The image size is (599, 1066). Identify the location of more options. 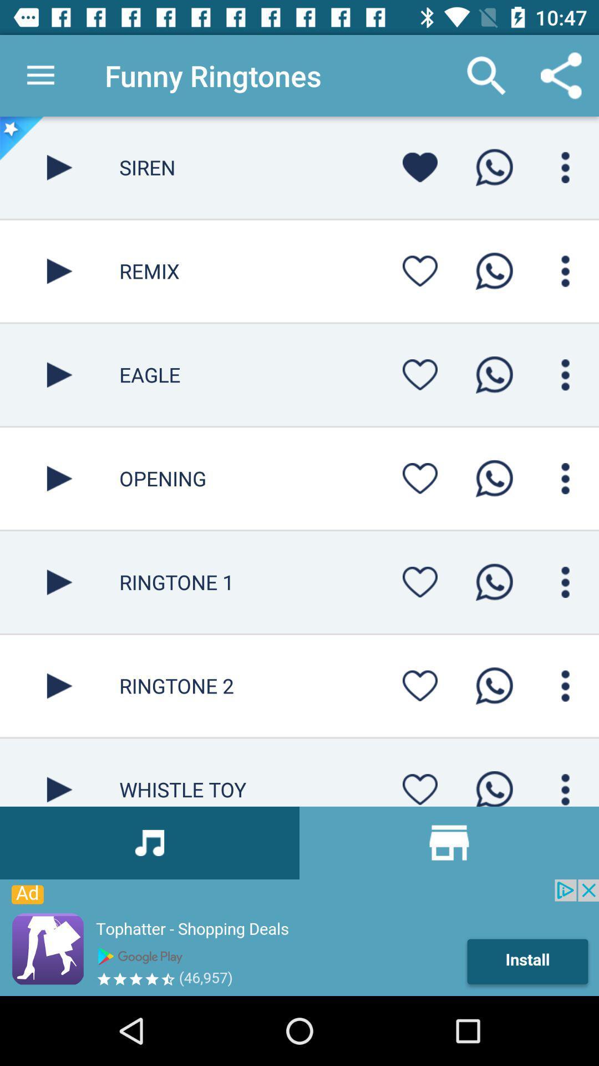
(565, 167).